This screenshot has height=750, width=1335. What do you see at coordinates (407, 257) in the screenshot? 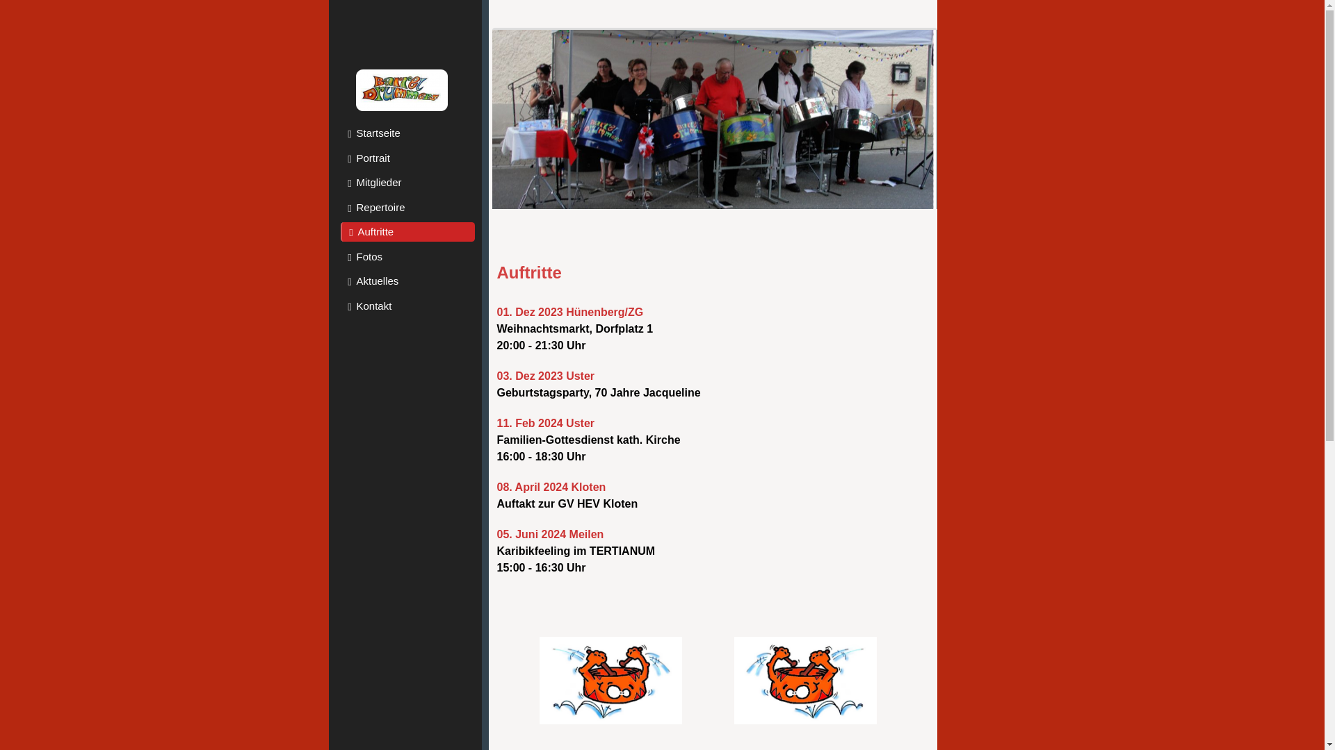
I see `'Fotos'` at bounding box center [407, 257].